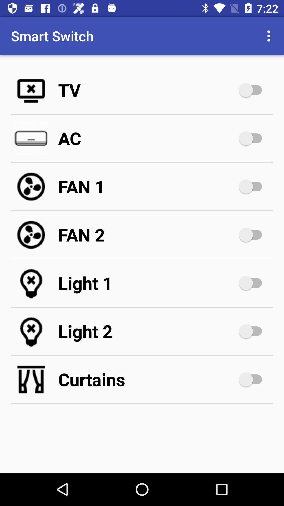  I want to click on curtains option, so click(253, 379).